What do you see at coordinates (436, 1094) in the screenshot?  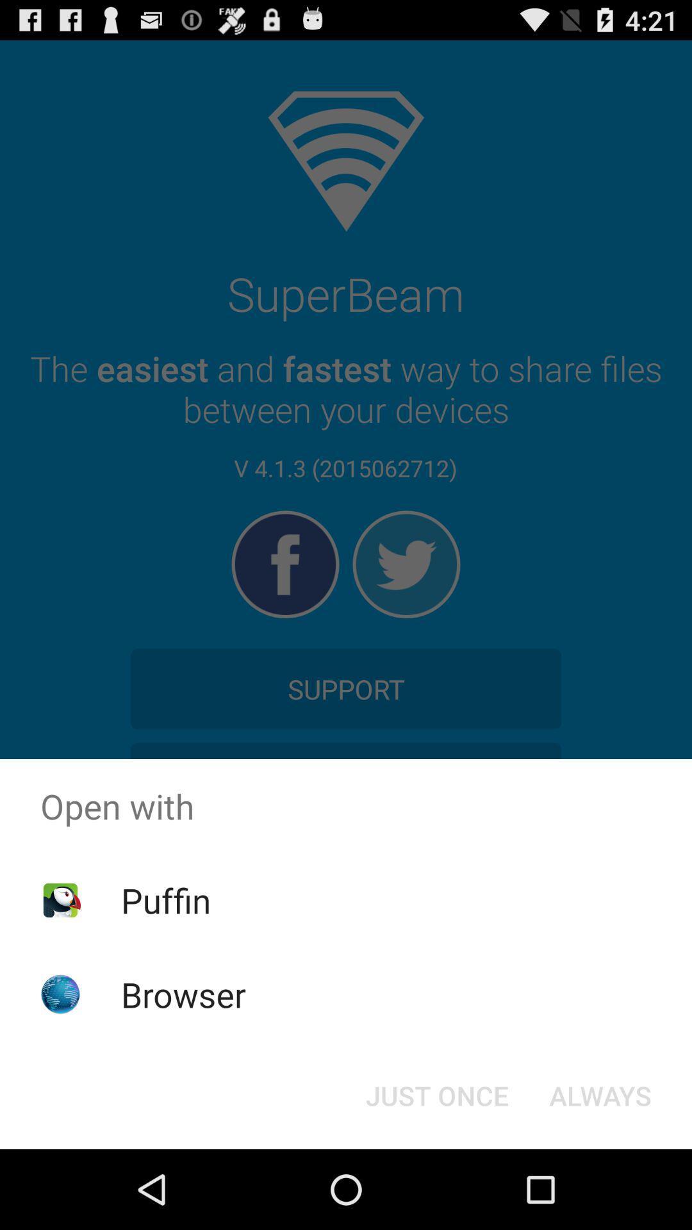 I see `button to the left of always icon` at bounding box center [436, 1094].